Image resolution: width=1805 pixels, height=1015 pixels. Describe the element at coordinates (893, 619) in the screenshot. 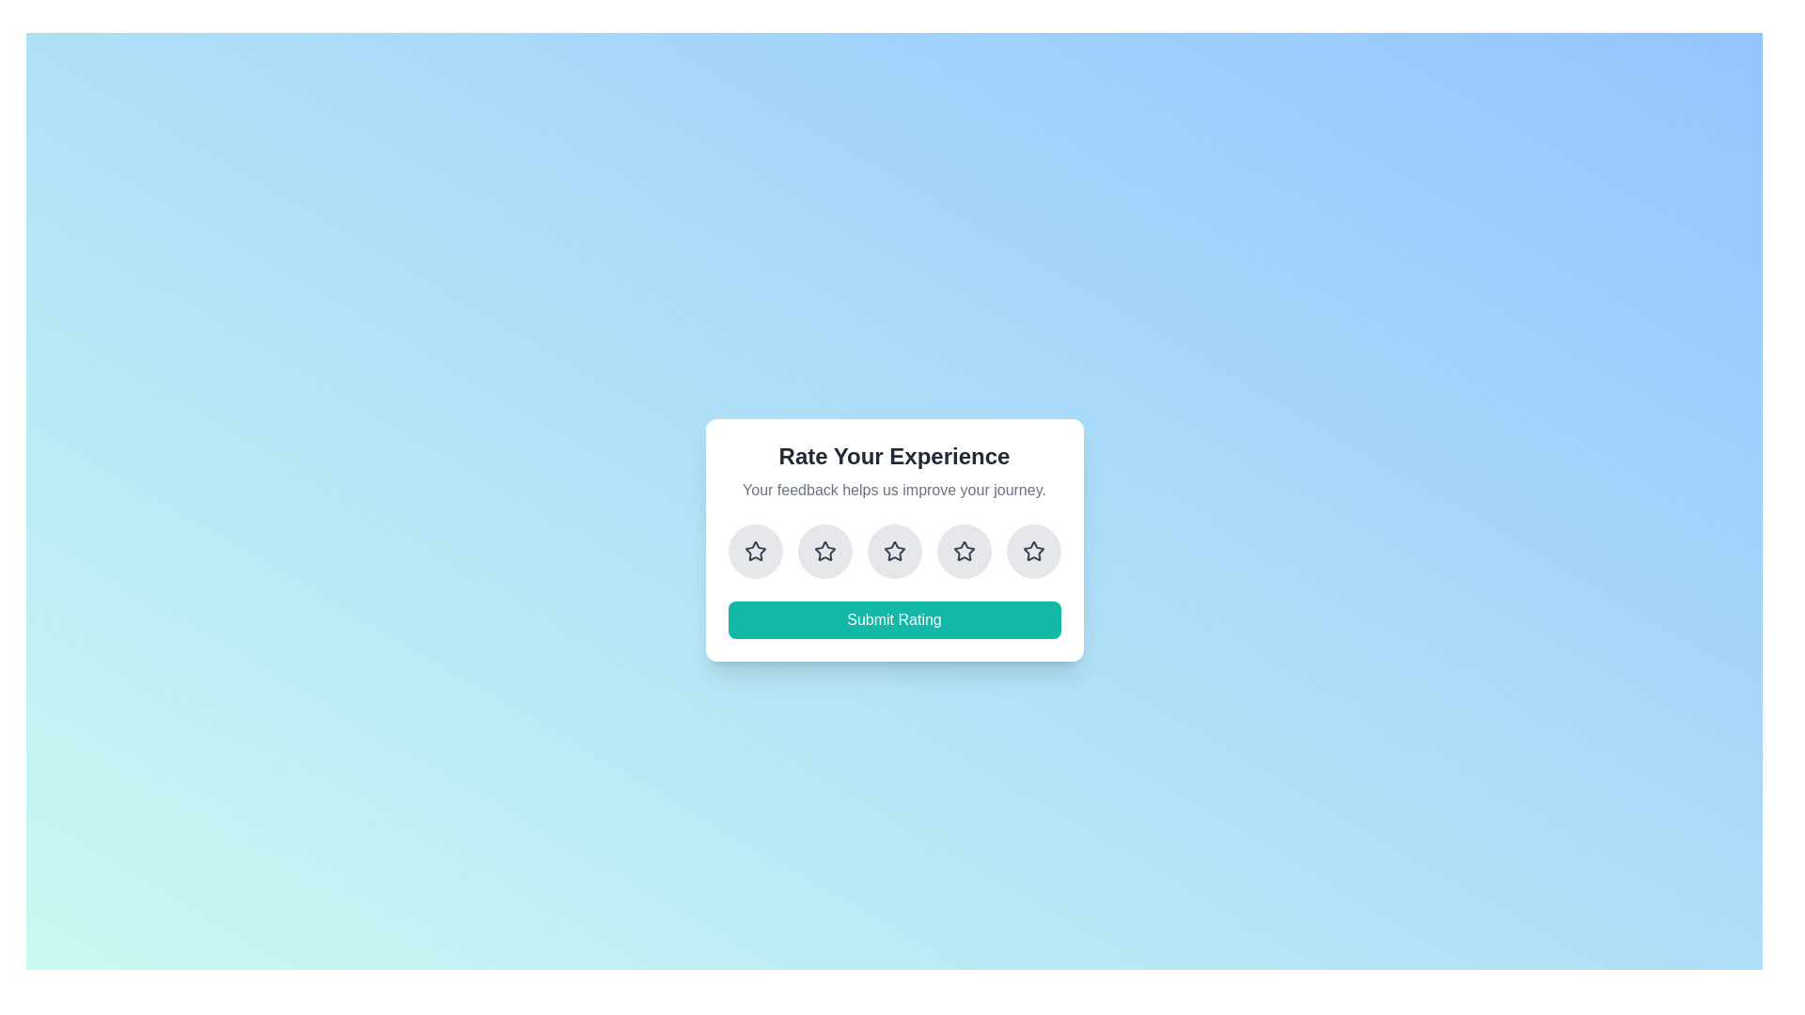

I see `'Submit Rating' button to submit the rating` at that location.